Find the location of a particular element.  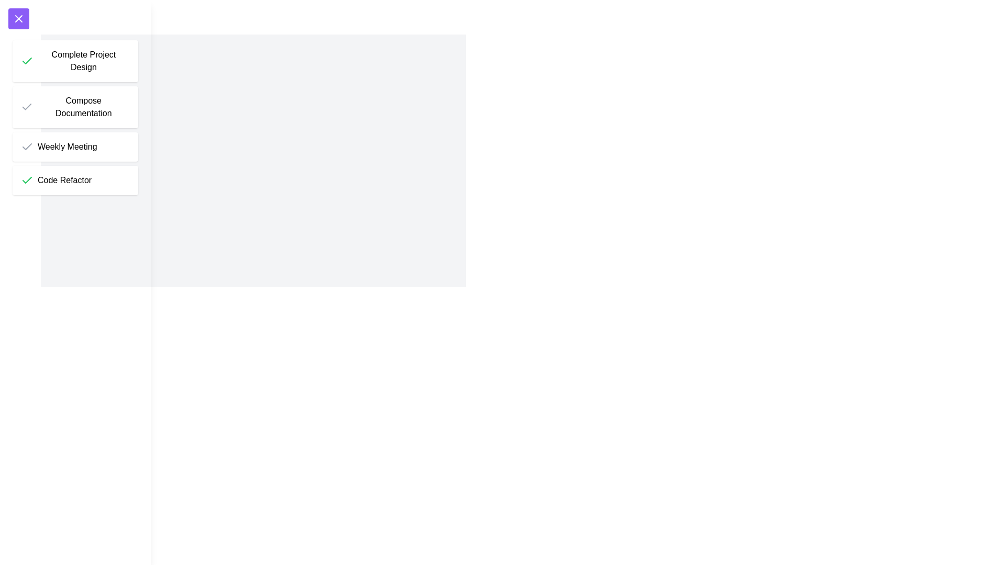

toggle button at the top-left corner to toggle the drawer's visibility is located at coordinates (18, 18).